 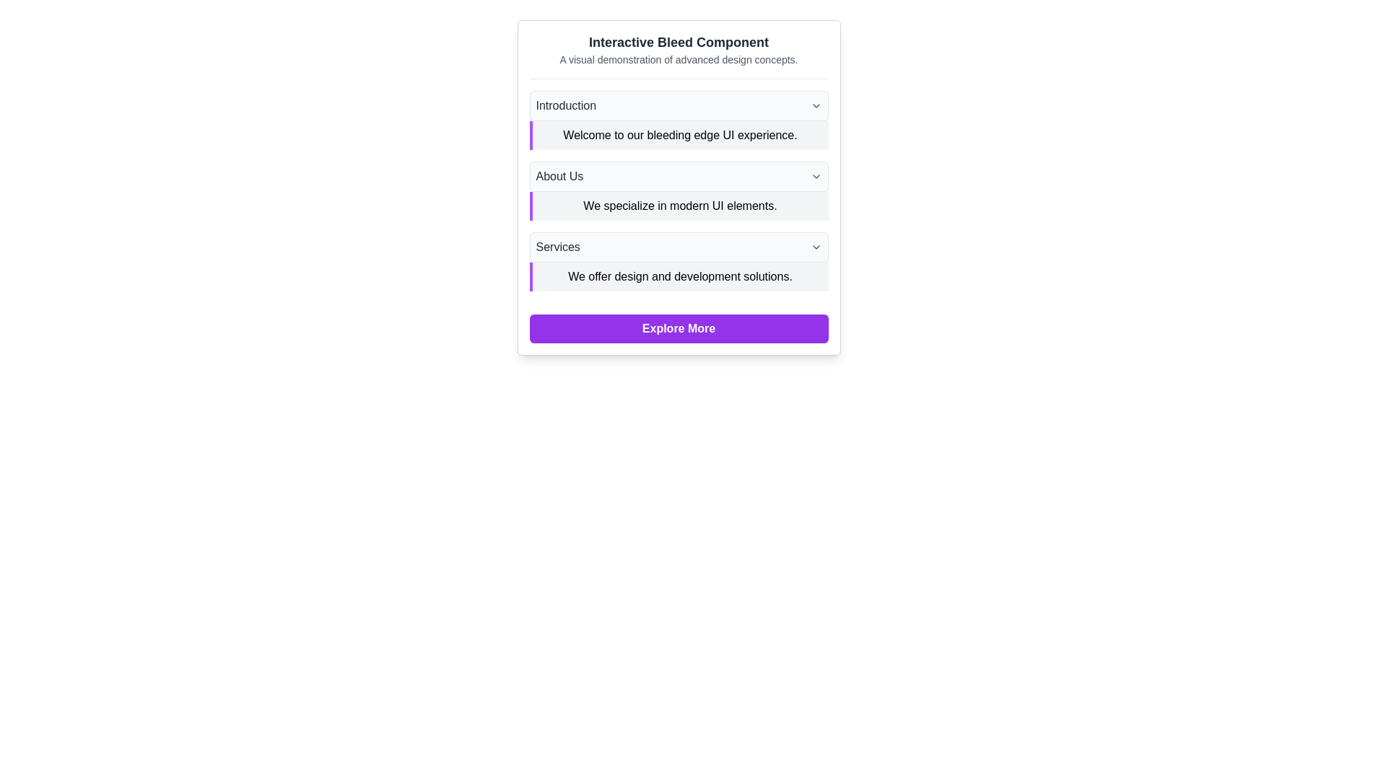 I want to click on the text block containing 'We specialize in modern UI elements.' located below the 'About Us' header, so click(x=678, y=206).